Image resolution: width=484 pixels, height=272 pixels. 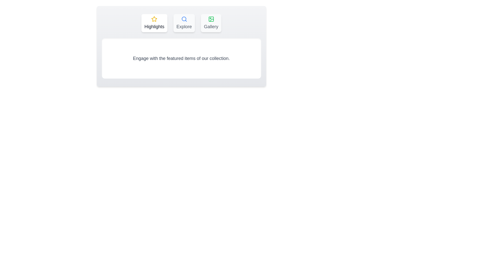 What do you see at coordinates (154, 23) in the screenshot?
I see `the tab Highlights to inspect its visual icon` at bounding box center [154, 23].